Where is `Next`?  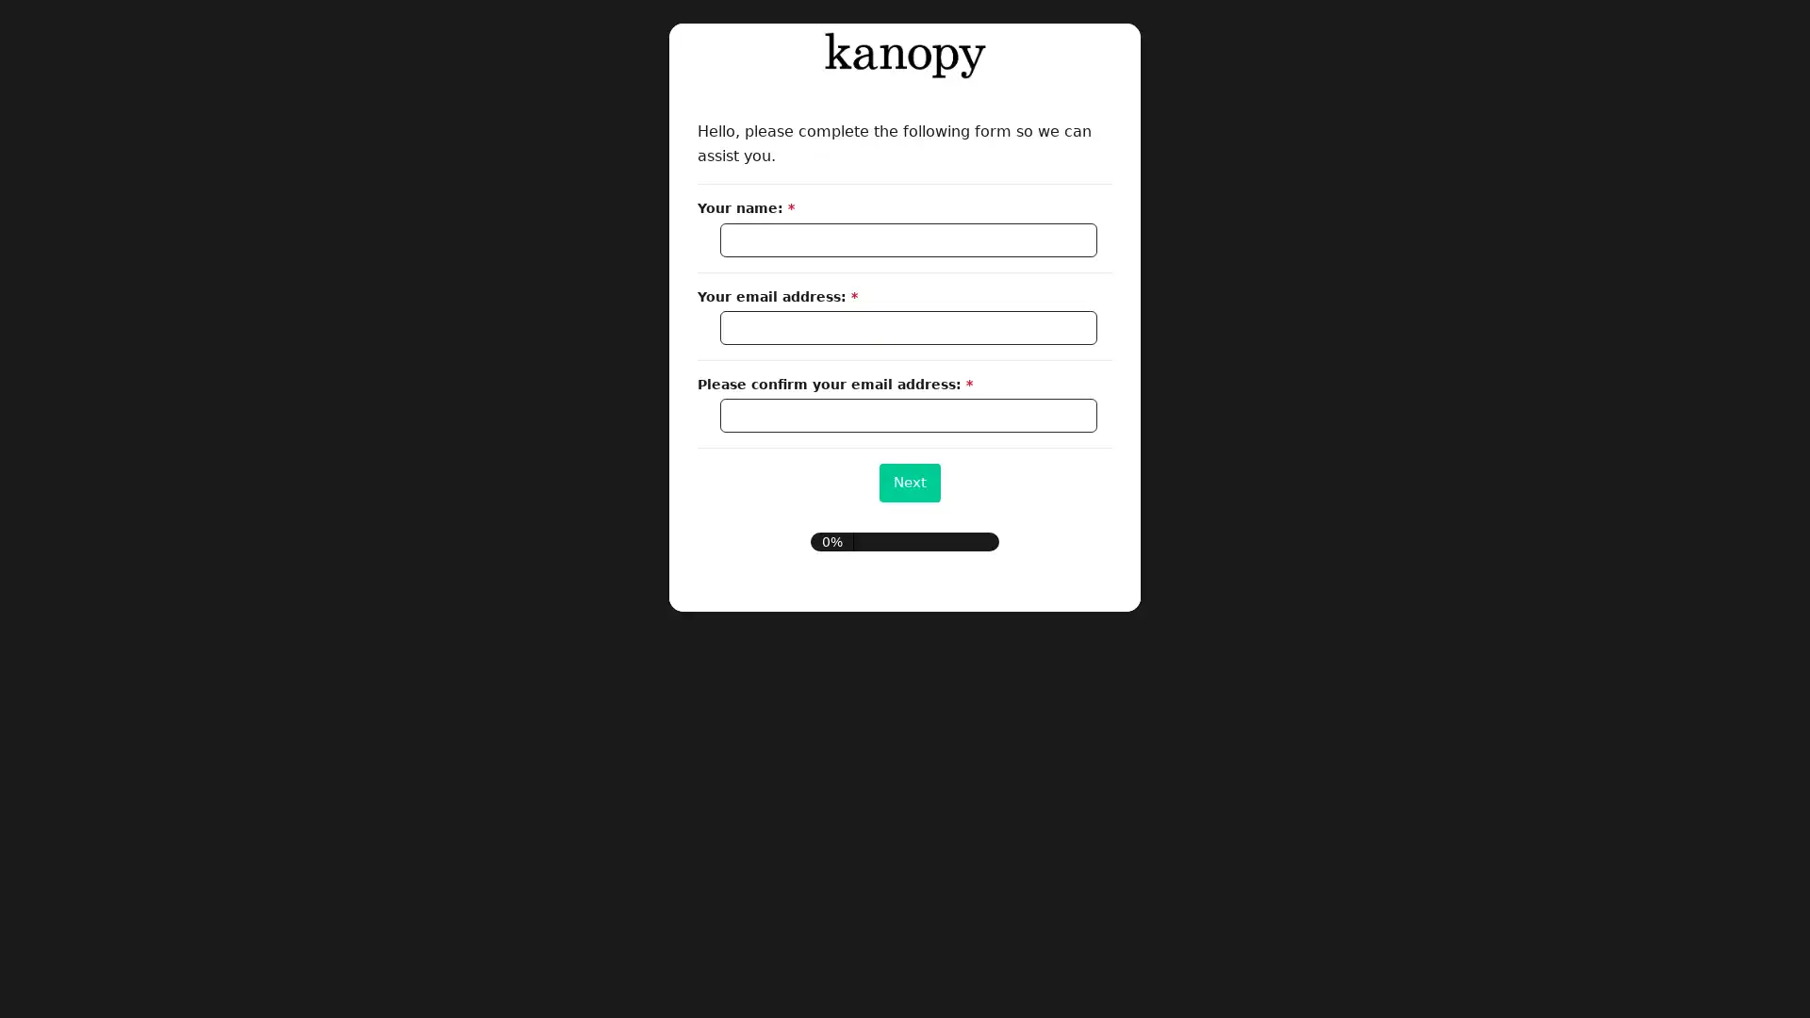
Next is located at coordinates (909, 482).